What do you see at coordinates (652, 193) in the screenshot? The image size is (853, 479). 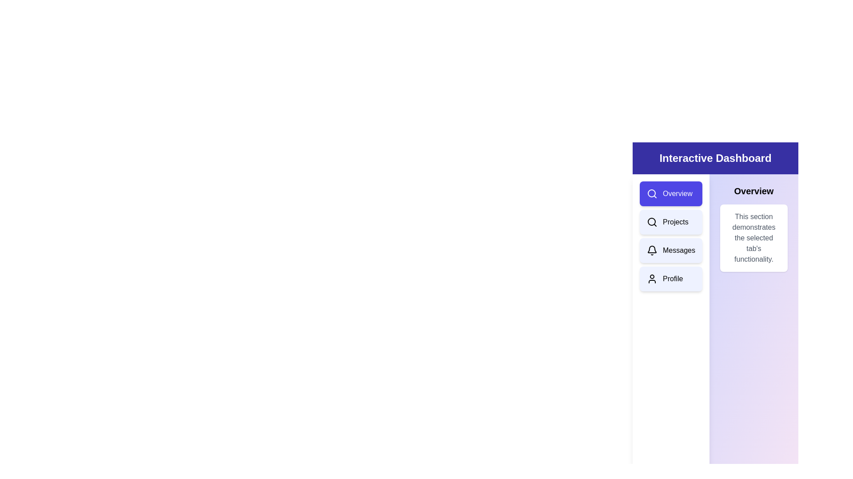 I see `the magnifying glass icon representing the search function, which is located in the sidebar menu next to the 'Overview' text` at bounding box center [652, 193].